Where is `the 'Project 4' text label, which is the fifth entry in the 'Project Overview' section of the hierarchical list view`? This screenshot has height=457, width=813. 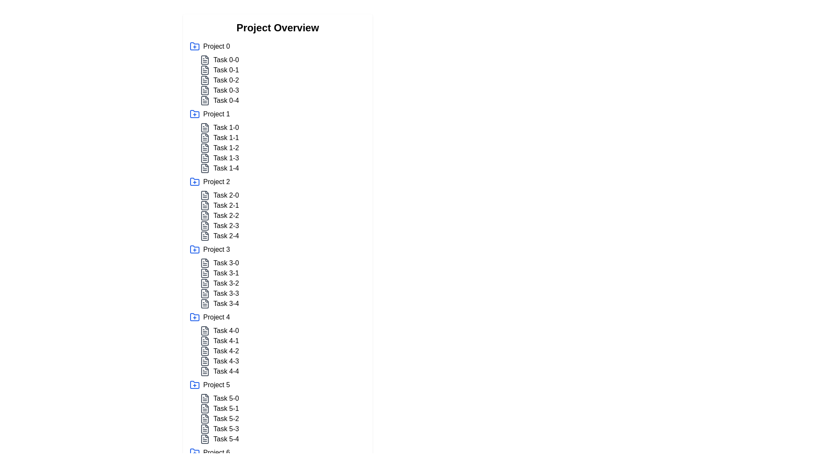
the 'Project 4' text label, which is the fifth entry in the 'Project Overview' section of the hierarchical list view is located at coordinates (216, 317).